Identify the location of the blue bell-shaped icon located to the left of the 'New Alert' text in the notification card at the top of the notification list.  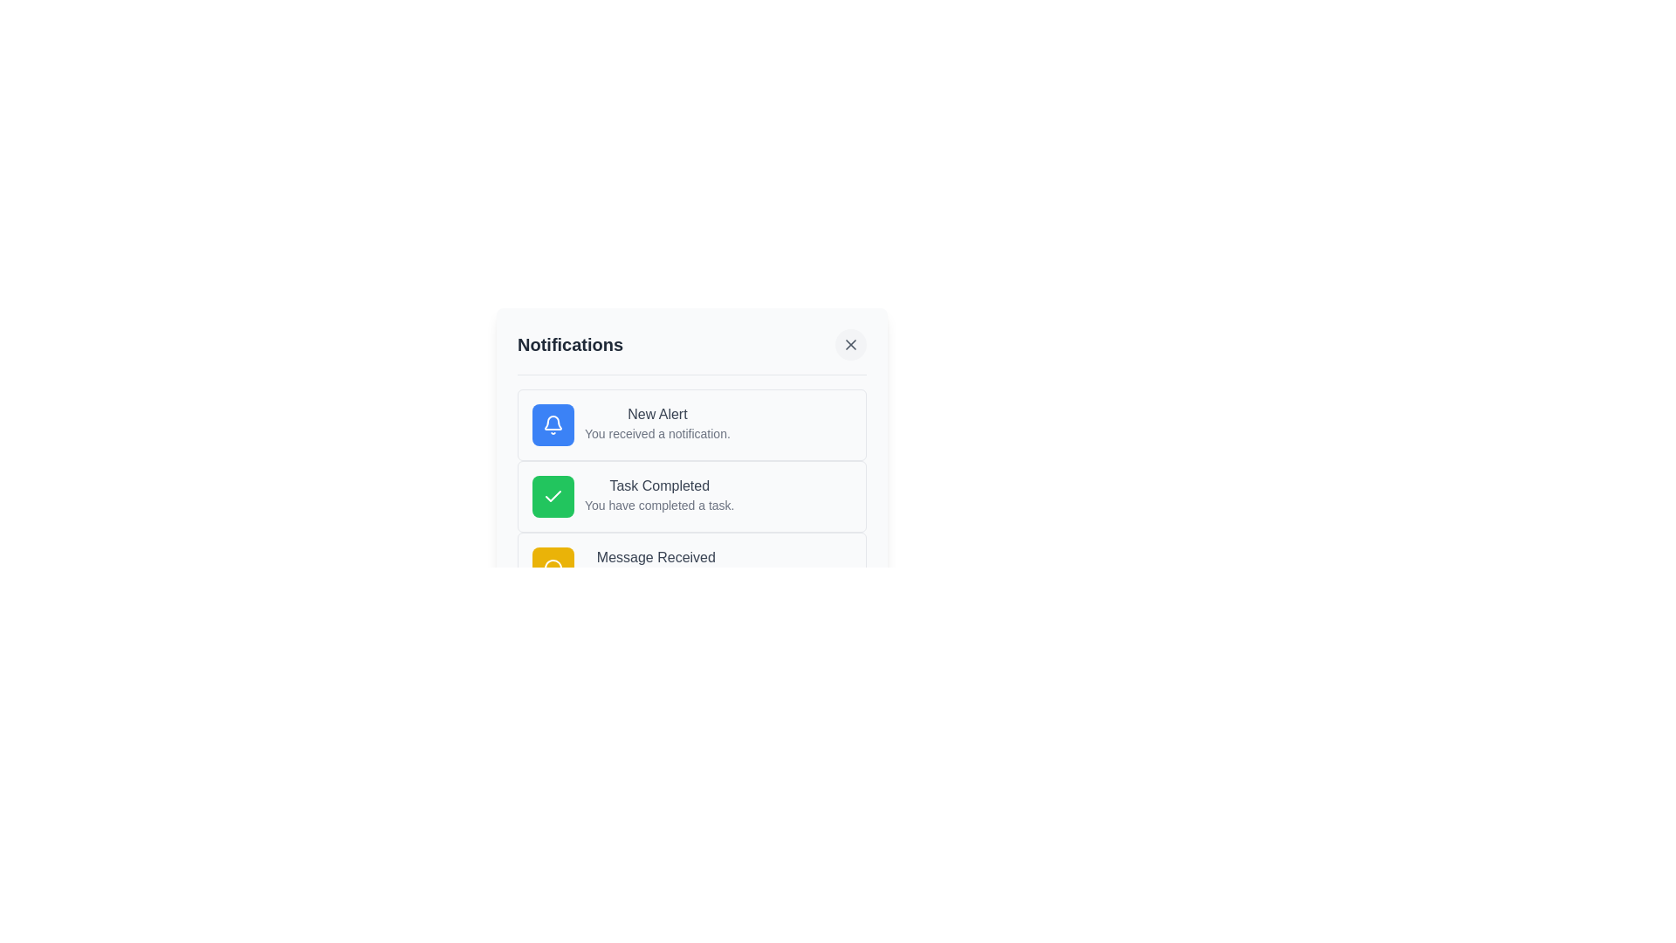
(552, 423).